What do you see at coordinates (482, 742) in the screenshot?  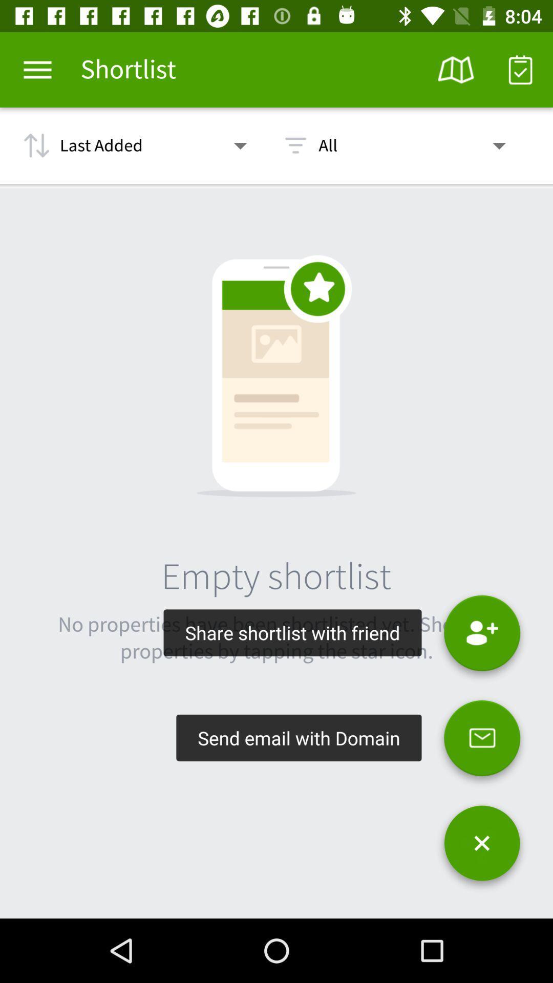 I see `the email icon` at bounding box center [482, 742].